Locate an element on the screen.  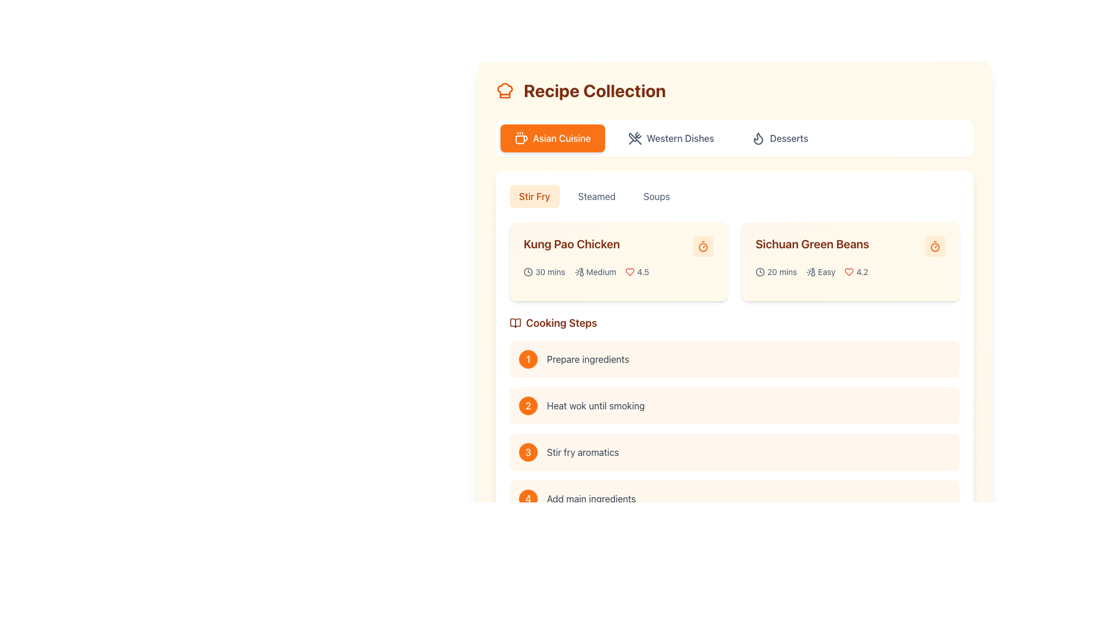
text displayed in the Text label showing the value '4.2', which is styled with a dark font and indicates a rating or score, located to the right of a small heart icon in the 'Sichuan Green Beans' section is located at coordinates (862, 272).